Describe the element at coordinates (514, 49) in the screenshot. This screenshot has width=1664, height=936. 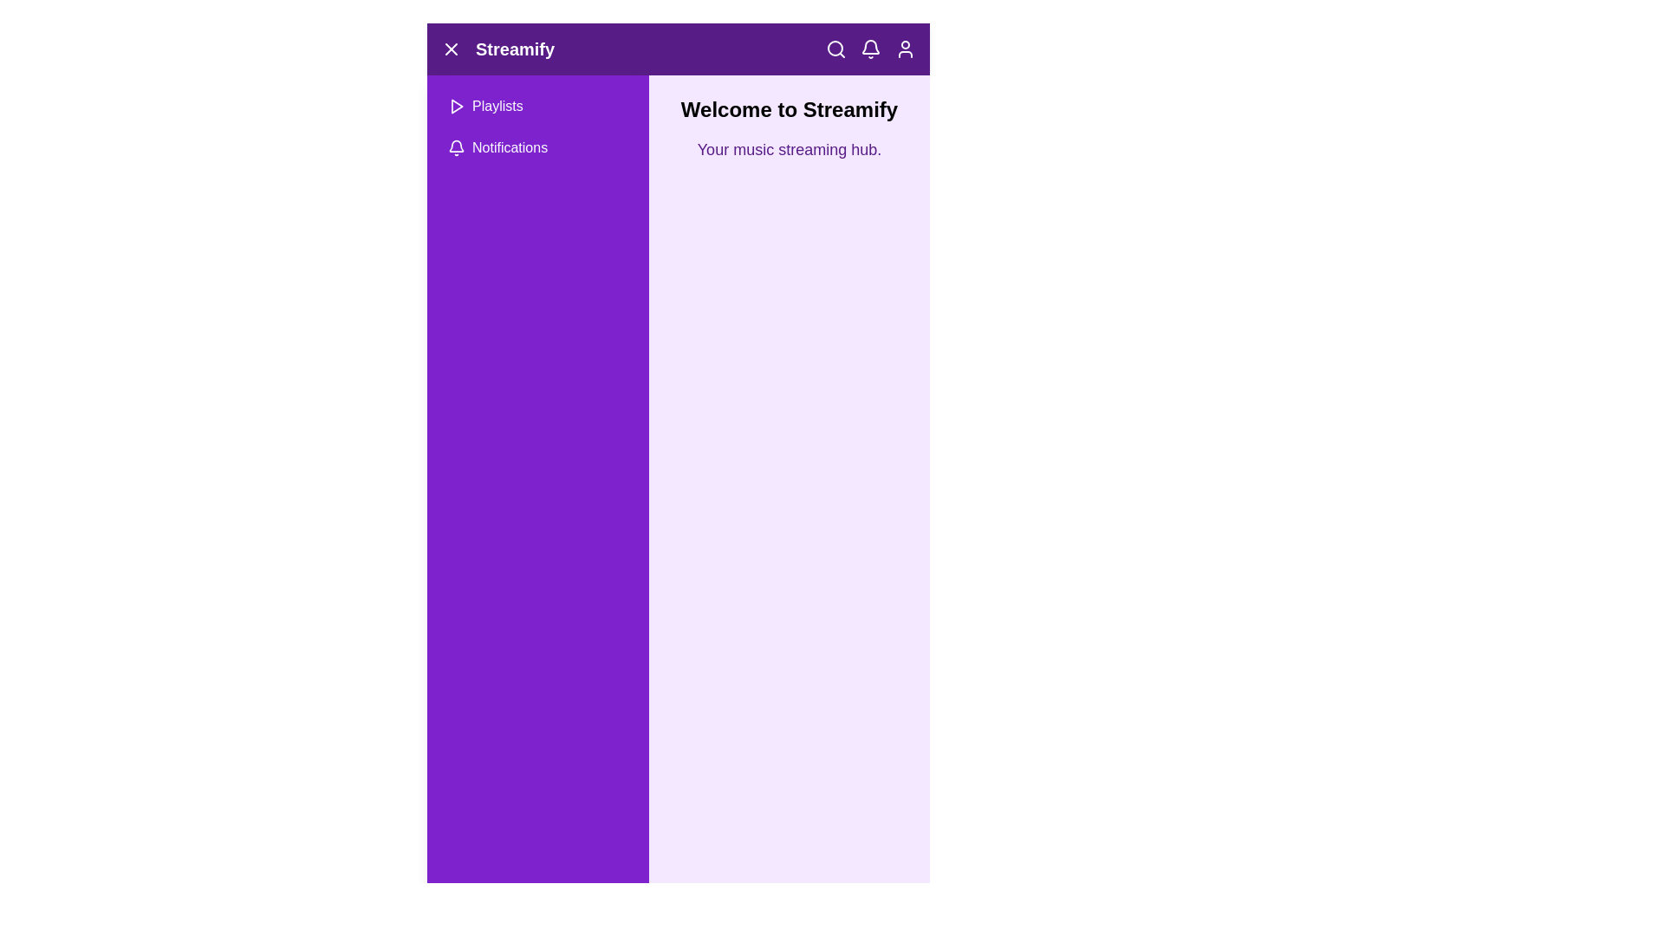
I see `the static text label displaying the application's name, located near the center of the top navigation bar, to the right of an 'X' icon and aligned horizontally with it` at that location.